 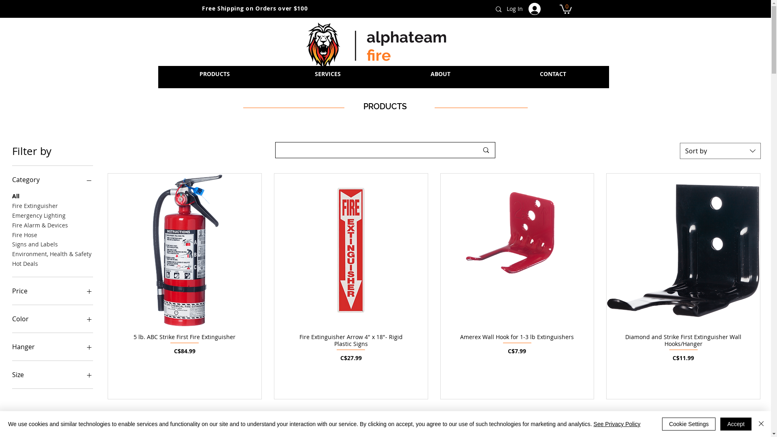 What do you see at coordinates (52, 318) in the screenshot?
I see `'Color'` at bounding box center [52, 318].